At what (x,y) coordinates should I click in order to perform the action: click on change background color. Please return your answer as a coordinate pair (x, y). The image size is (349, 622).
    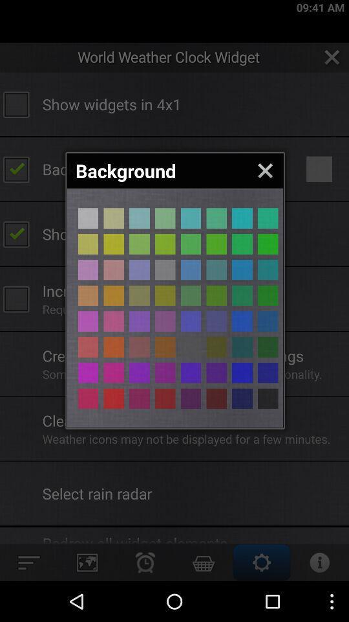
    Looking at the image, I should click on (139, 398).